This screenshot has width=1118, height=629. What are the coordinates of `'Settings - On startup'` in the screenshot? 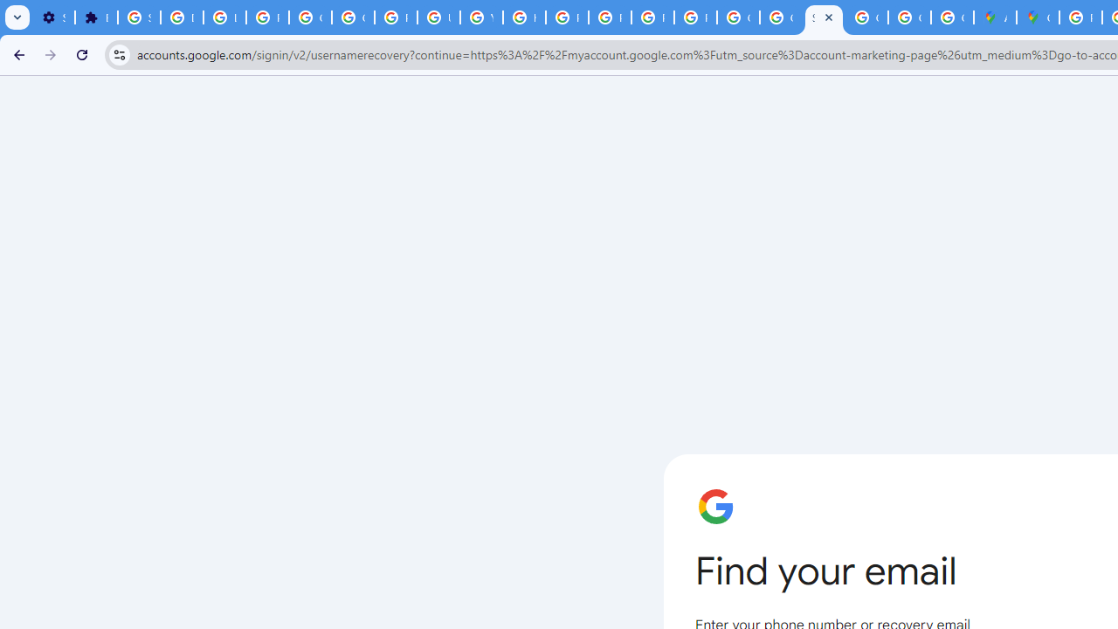 It's located at (53, 17).